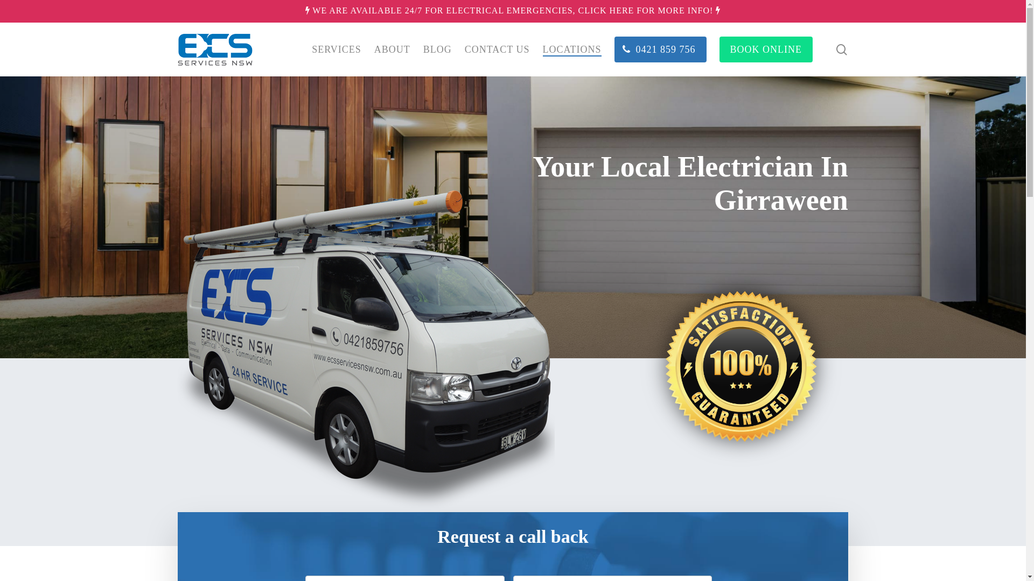 The width and height of the screenshot is (1034, 581). I want to click on 'search', so click(841, 49).